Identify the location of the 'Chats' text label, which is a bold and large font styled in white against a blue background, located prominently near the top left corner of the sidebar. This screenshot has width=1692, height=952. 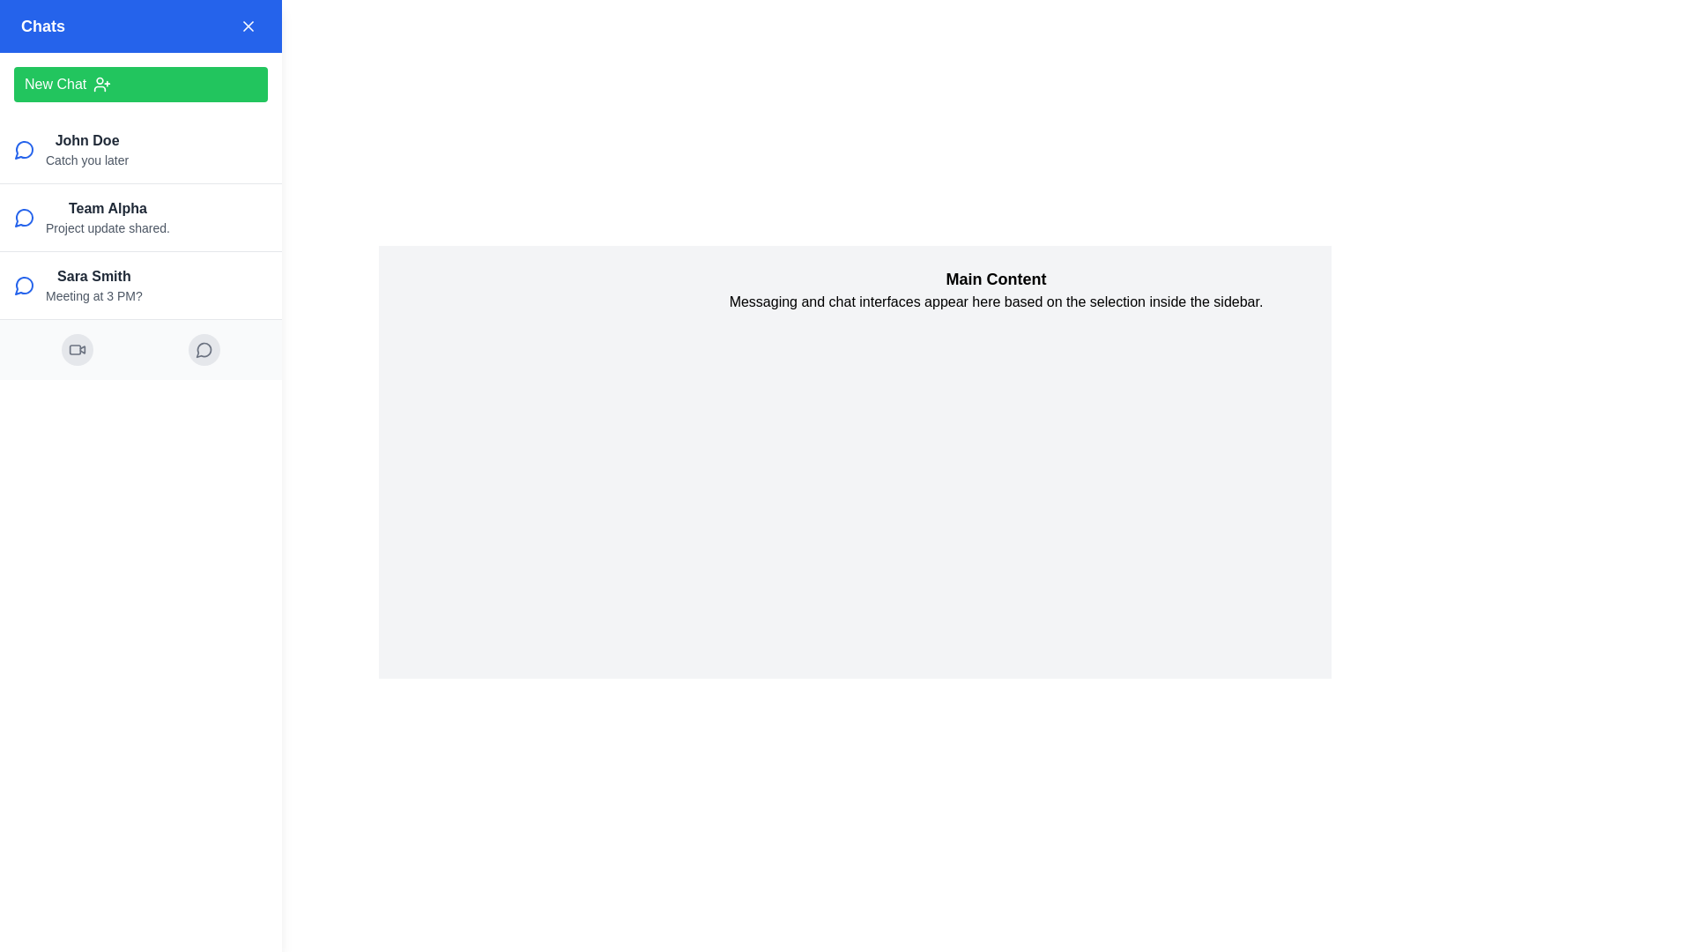
(42, 26).